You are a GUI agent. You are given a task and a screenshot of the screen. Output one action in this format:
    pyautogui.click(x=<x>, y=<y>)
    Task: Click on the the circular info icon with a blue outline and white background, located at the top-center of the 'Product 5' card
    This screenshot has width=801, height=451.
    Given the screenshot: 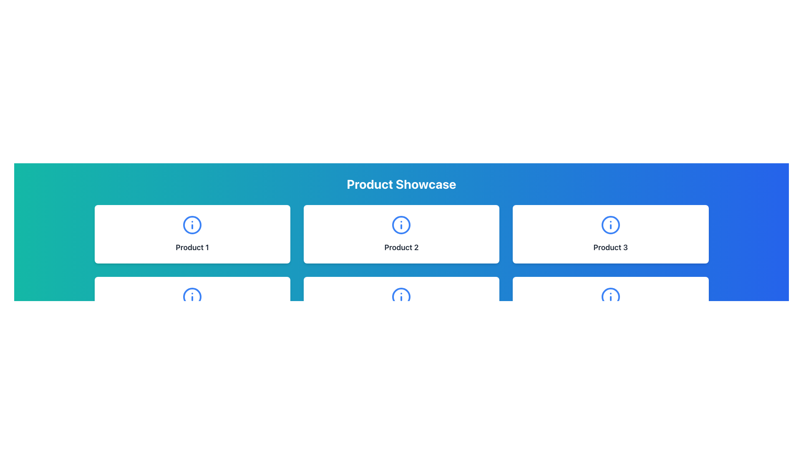 What is the action you would take?
    pyautogui.click(x=401, y=296)
    